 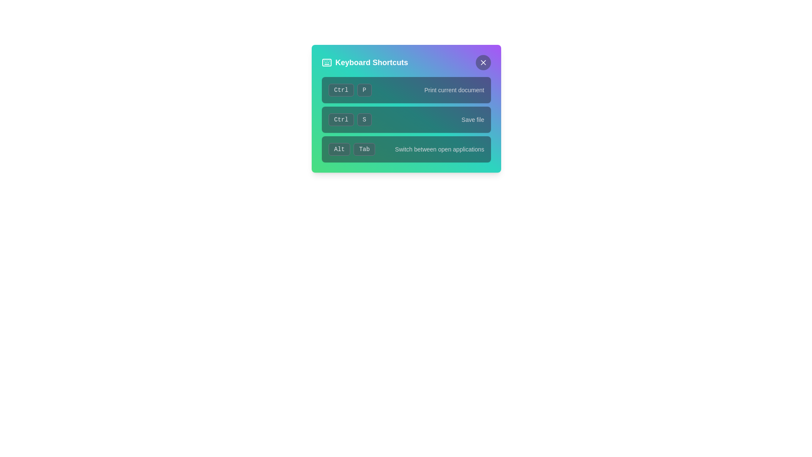 What do you see at coordinates (472, 119) in the screenshot?
I see `the Text Label that describes the 'Ctrl + S' shortcut command, located in the middle-right area of the keyboard shortcuts panel` at bounding box center [472, 119].